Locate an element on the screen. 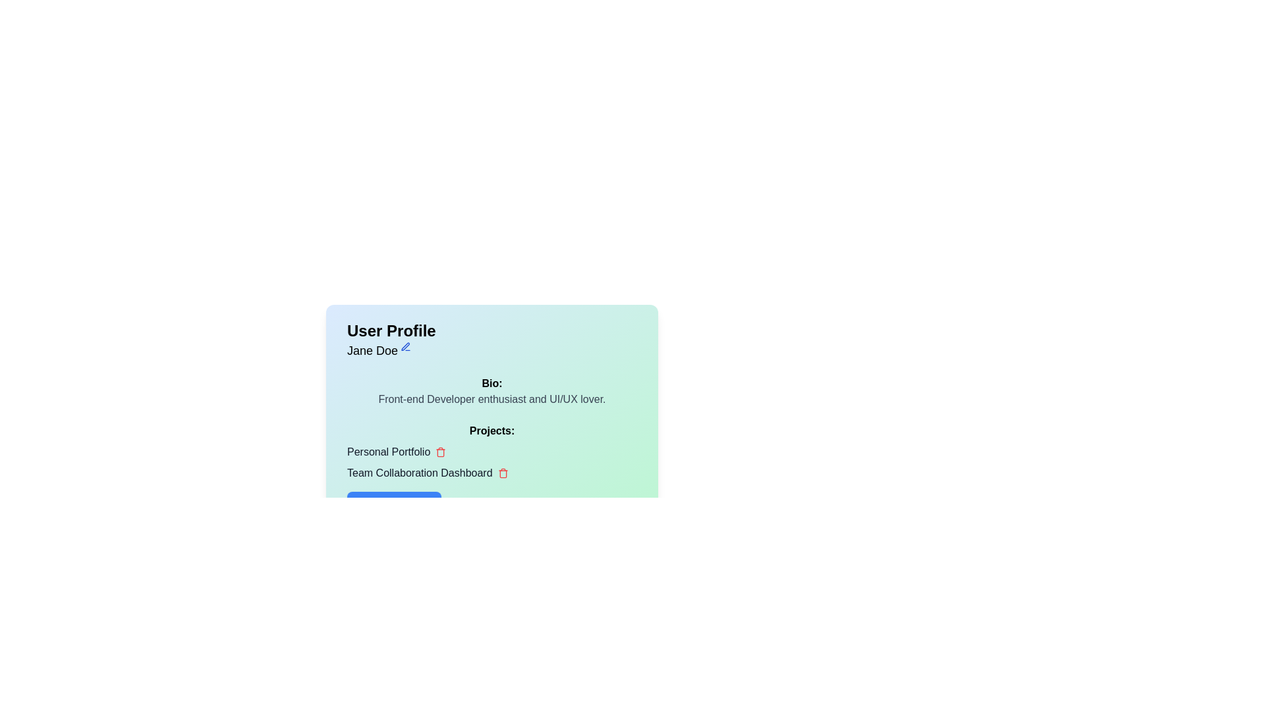 The height and width of the screenshot is (711, 1265). the 'Add New Project' button located below the 'Projects:' section, which is the last interactive element beneath 'Personal Portfolio' and 'Team Collaboration Dashboard' is located at coordinates (393, 504).